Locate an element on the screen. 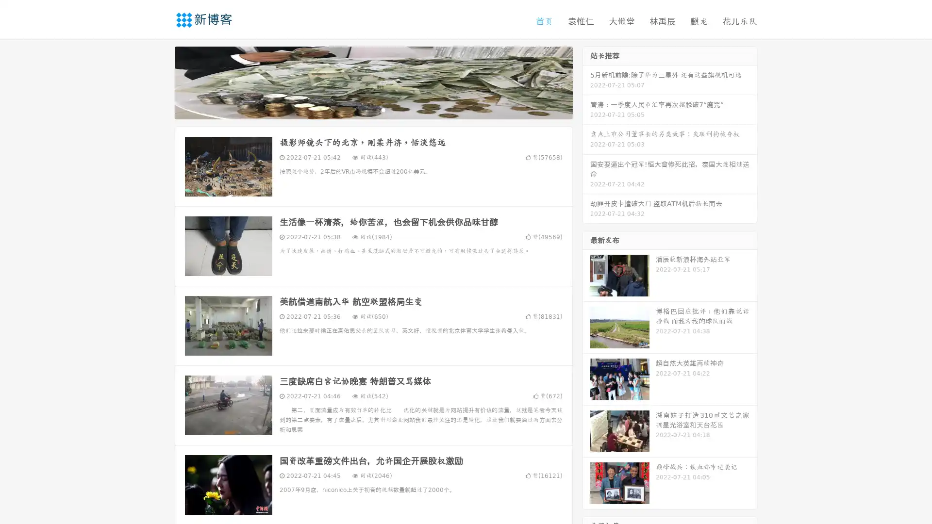 Image resolution: width=932 pixels, height=524 pixels. Go to slide 2 is located at coordinates (373, 109).